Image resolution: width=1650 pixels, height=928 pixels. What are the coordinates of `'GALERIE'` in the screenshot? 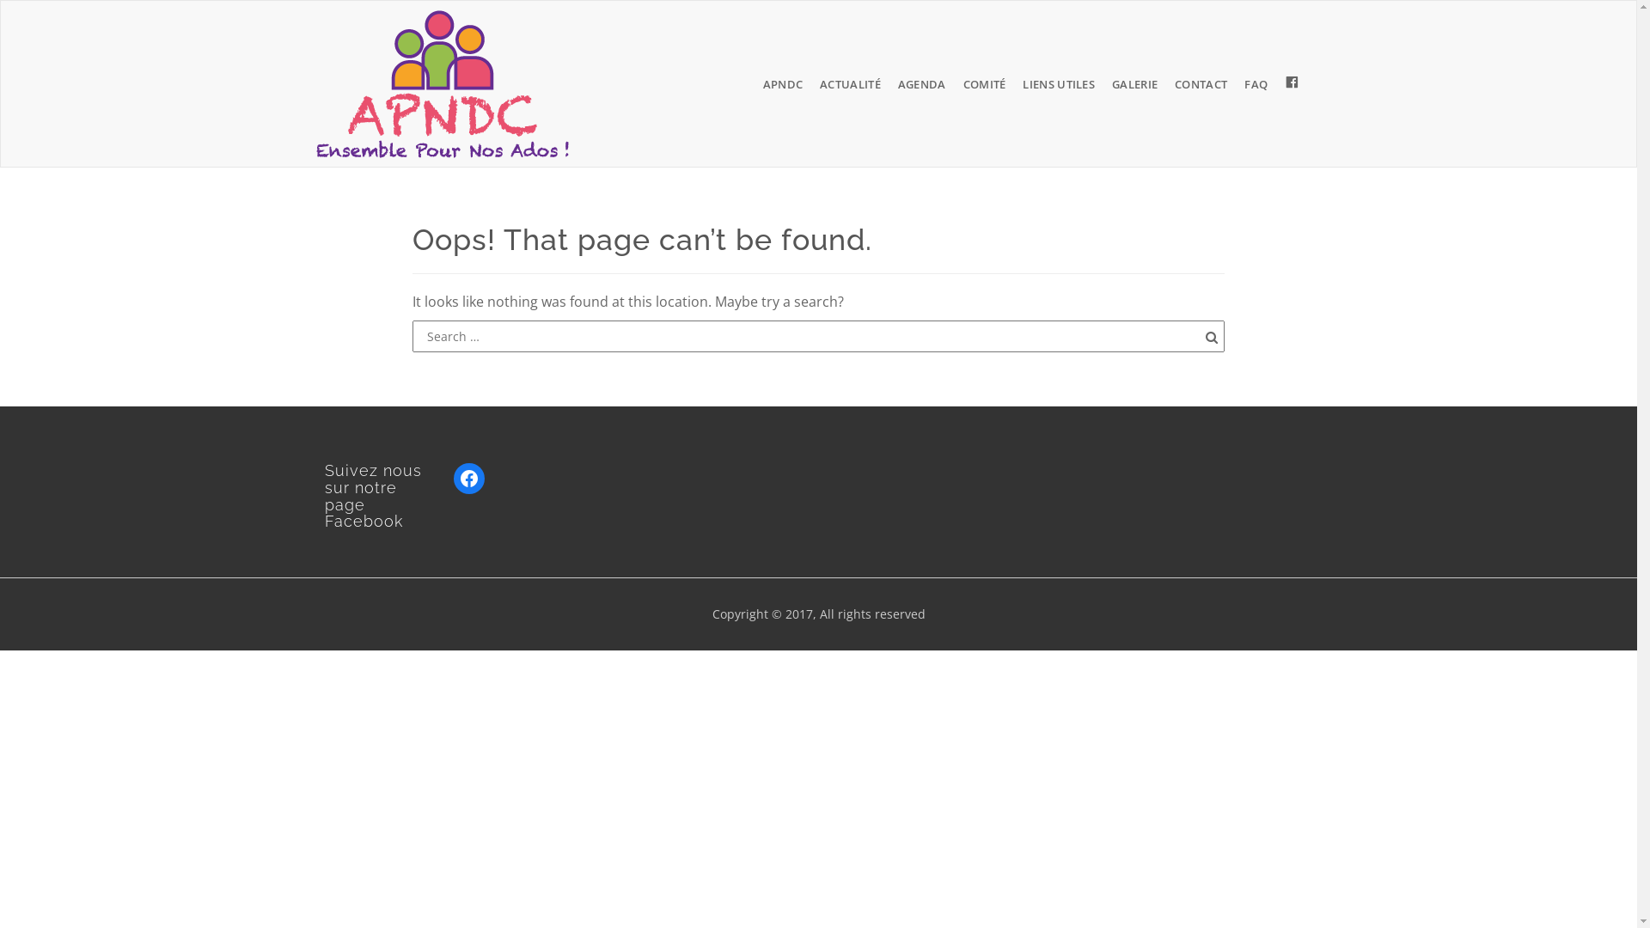 It's located at (1134, 83).